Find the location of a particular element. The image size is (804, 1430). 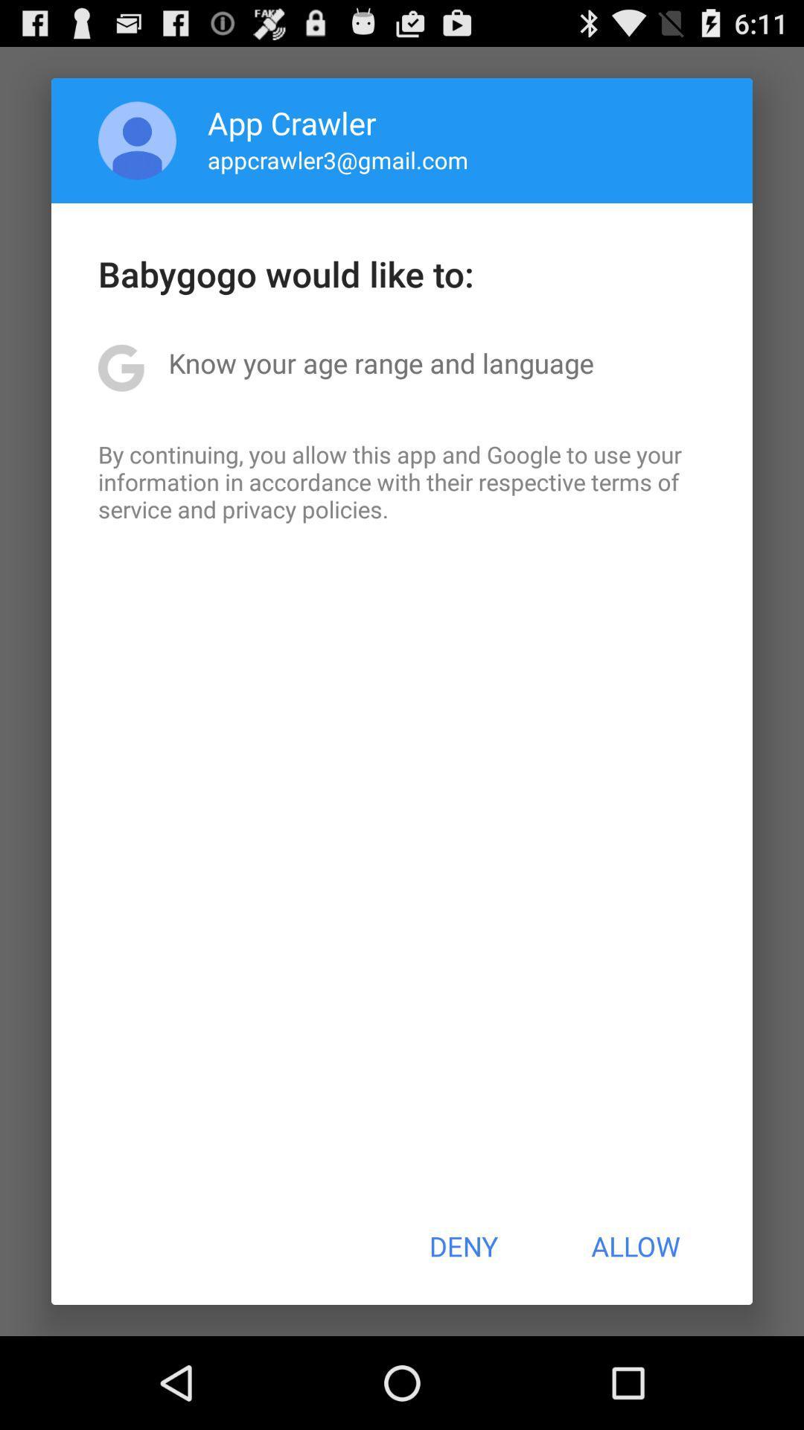

the item below the app crawler is located at coordinates (338, 159).